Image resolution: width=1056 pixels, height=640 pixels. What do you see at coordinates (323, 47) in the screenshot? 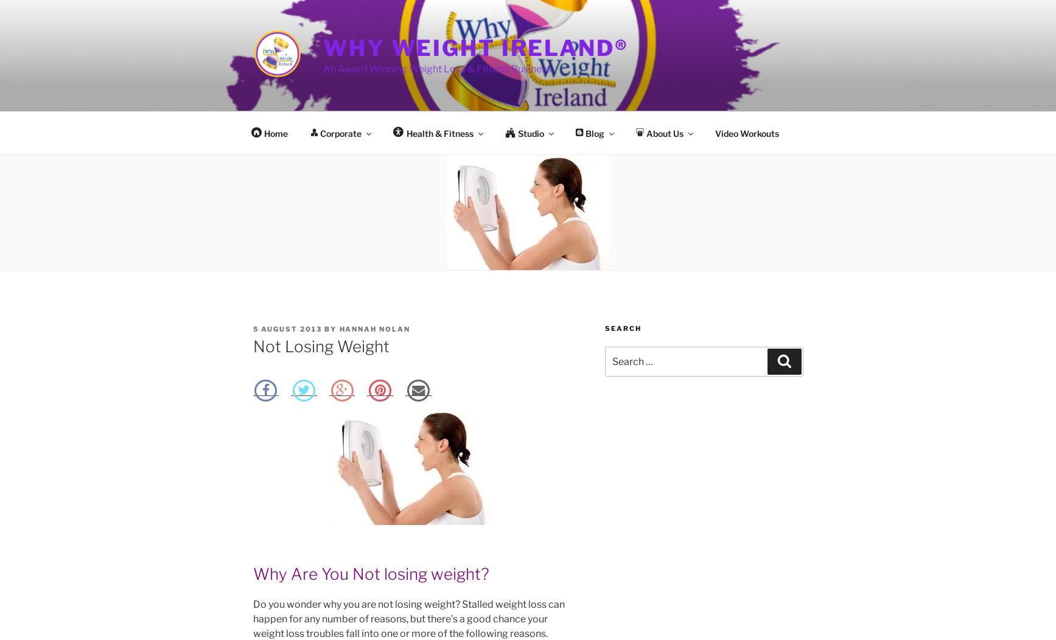
I see `'Why Weight Ireland®'` at bounding box center [323, 47].